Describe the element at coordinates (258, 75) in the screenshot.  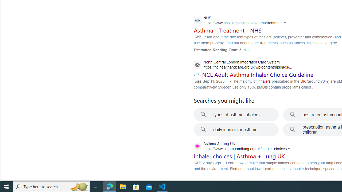
I see `'NCL Adult Asthma Inhaler Choice Guideline'` at that location.